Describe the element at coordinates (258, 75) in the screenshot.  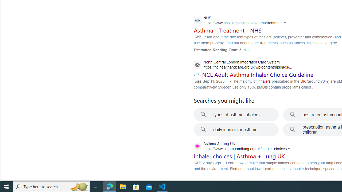
I see `'NCL Adult Asthma Inhaler Choice Guideline'` at that location.